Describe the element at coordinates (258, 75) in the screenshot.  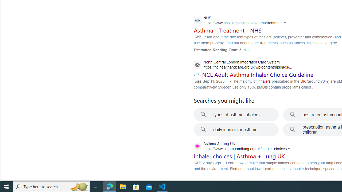
I see `'NCL Adult Asthma Inhaler Choice Guideline'` at that location.